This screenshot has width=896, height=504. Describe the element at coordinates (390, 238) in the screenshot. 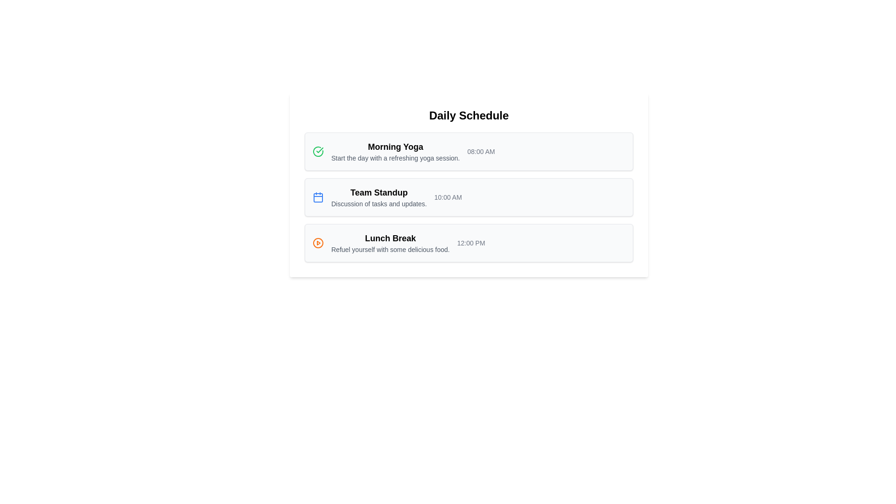

I see `the 'Lunch Break' text label which serves as a title in the daily schedule interface, positioned above the descriptive text and to the right of an orange icon` at that location.